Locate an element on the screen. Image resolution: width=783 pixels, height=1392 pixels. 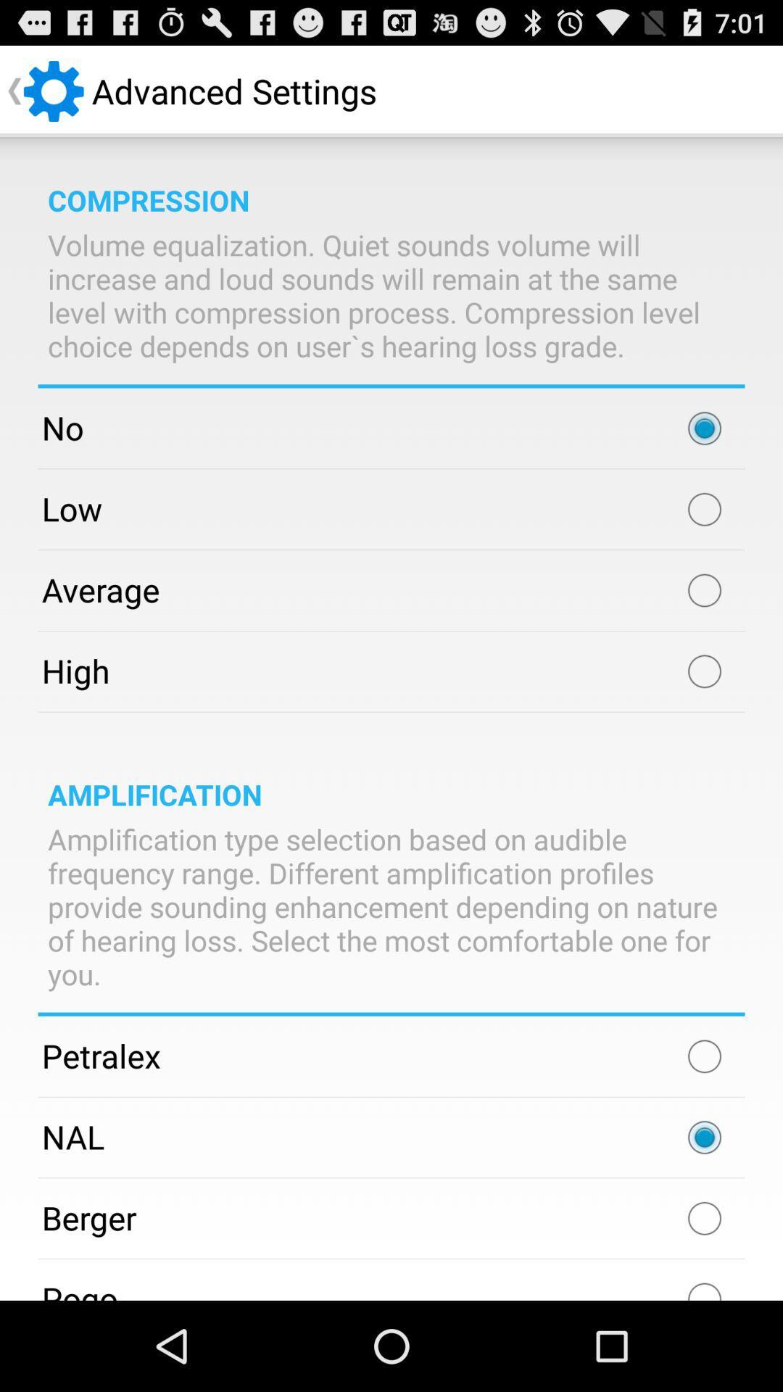
mark button option is located at coordinates (704, 671).